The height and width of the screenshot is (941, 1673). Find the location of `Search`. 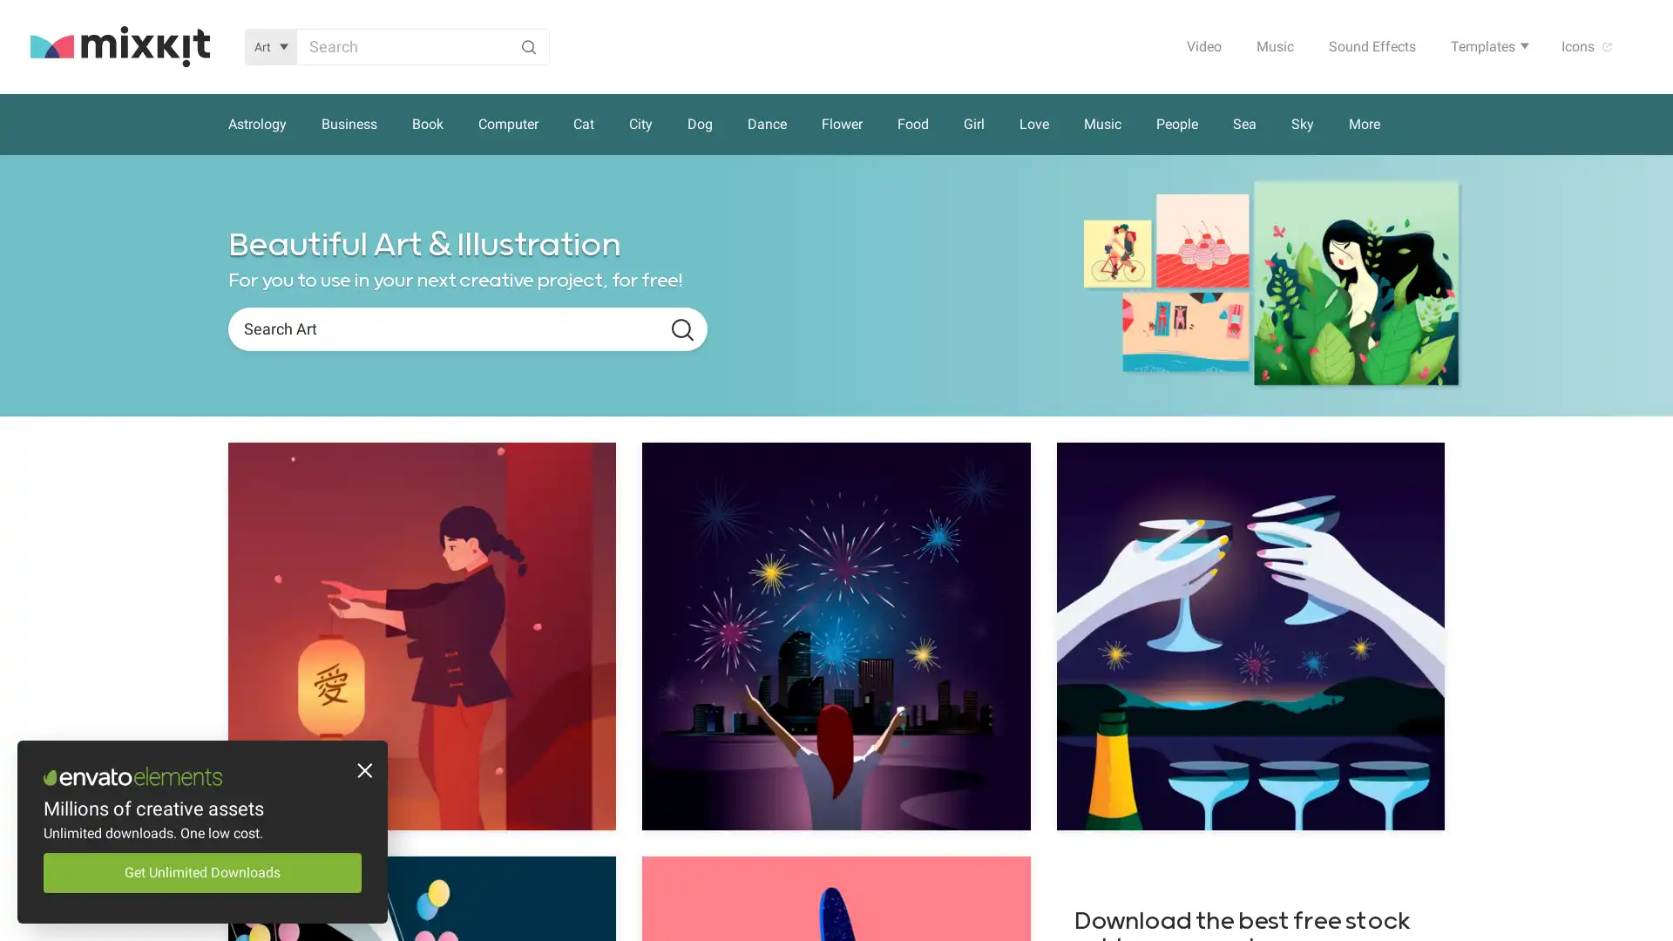

Search is located at coordinates (681, 329).